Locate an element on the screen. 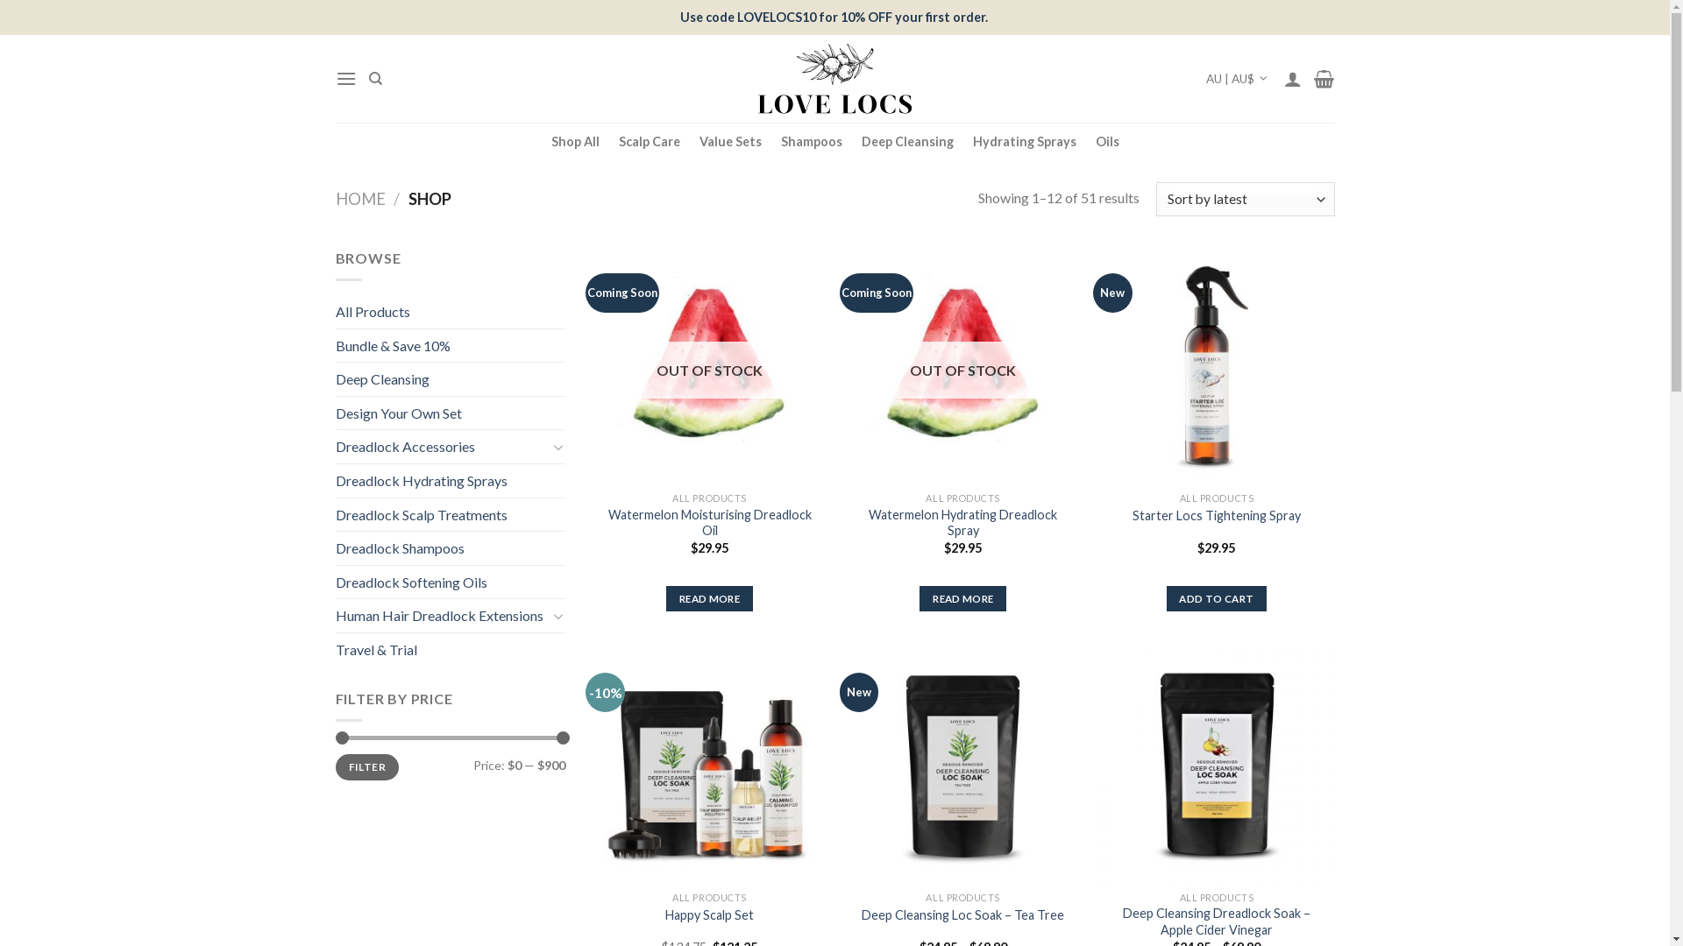 The image size is (1683, 946). 'Cart' is located at coordinates (1324, 77).